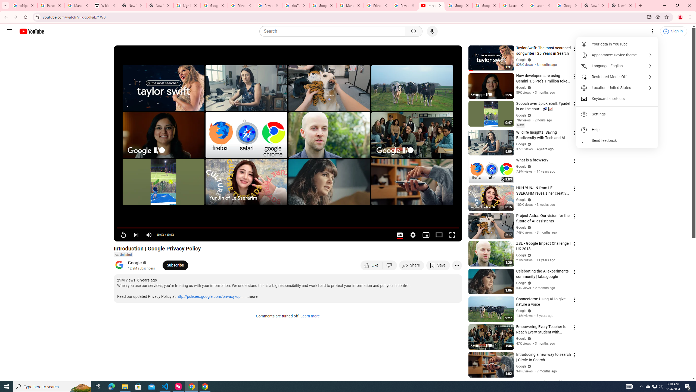 The image size is (696, 392). Describe the element at coordinates (617, 66) in the screenshot. I see `'Language: English'` at that location.